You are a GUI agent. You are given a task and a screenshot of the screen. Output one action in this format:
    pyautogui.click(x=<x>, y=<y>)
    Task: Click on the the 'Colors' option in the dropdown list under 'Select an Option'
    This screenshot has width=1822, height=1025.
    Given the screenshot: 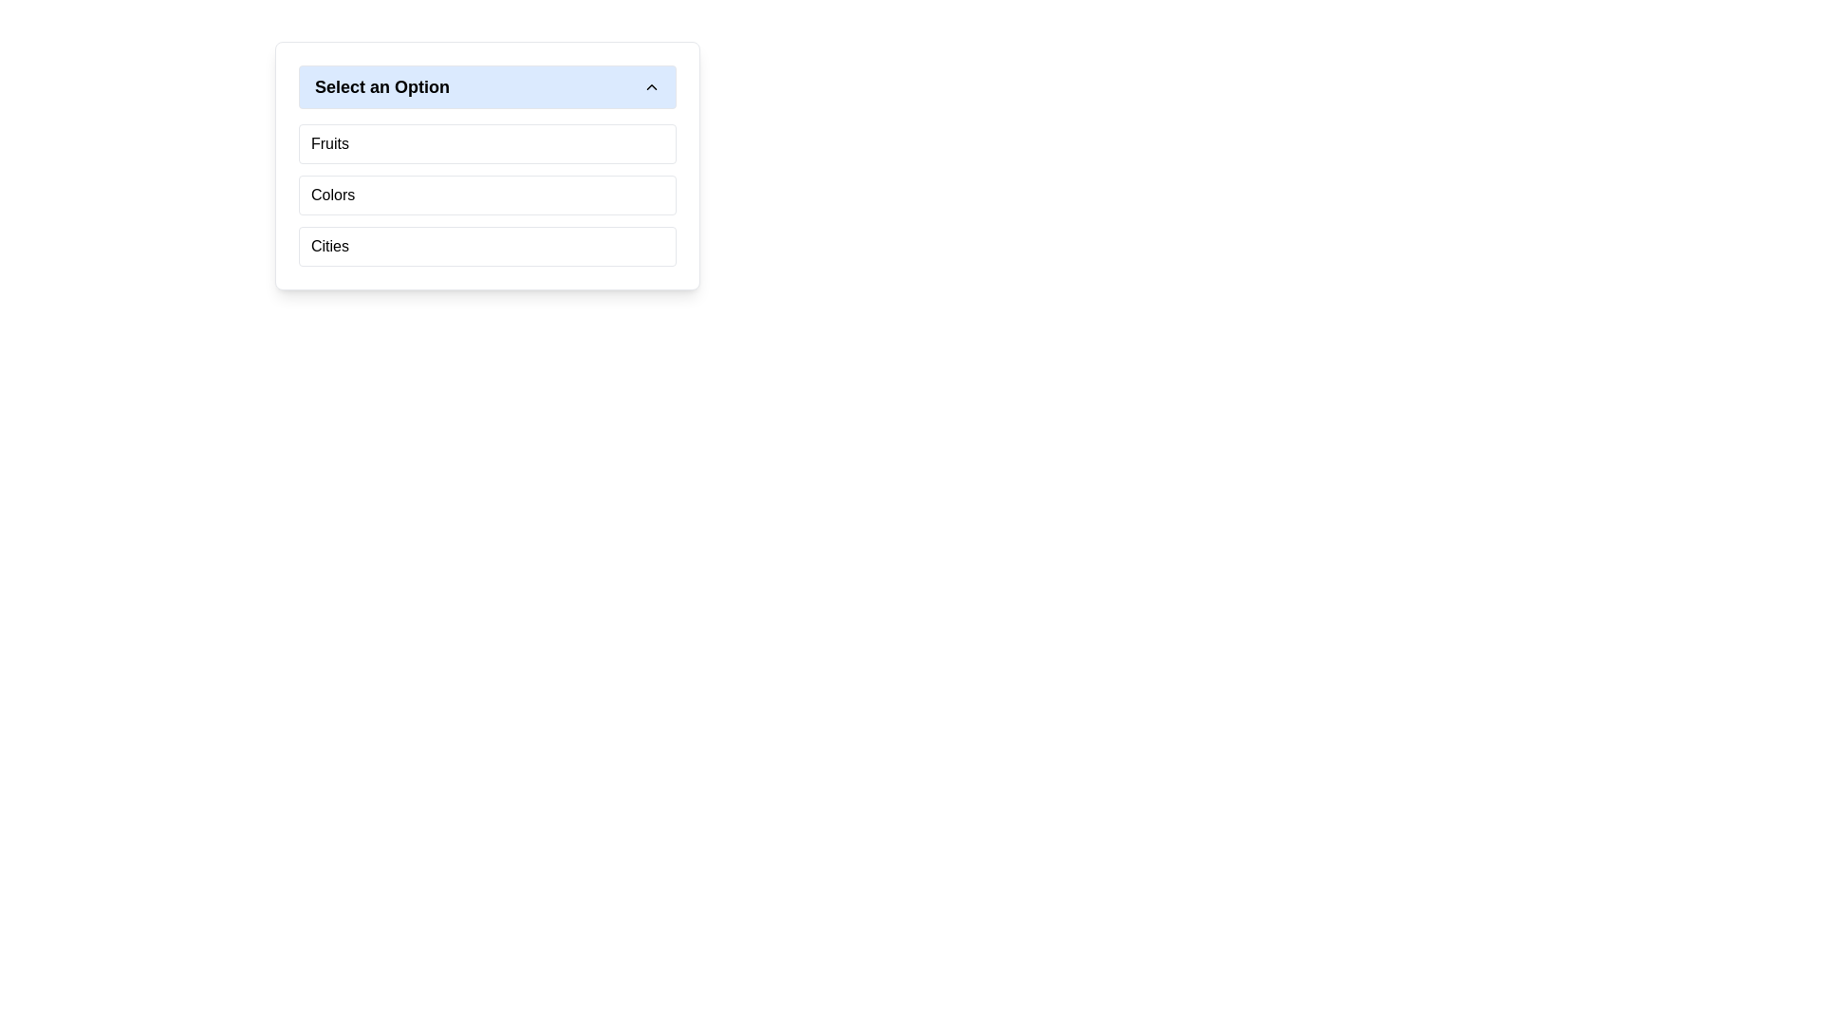 What is the action you would take?
    pyautogui.click(x=333, y=195)
    